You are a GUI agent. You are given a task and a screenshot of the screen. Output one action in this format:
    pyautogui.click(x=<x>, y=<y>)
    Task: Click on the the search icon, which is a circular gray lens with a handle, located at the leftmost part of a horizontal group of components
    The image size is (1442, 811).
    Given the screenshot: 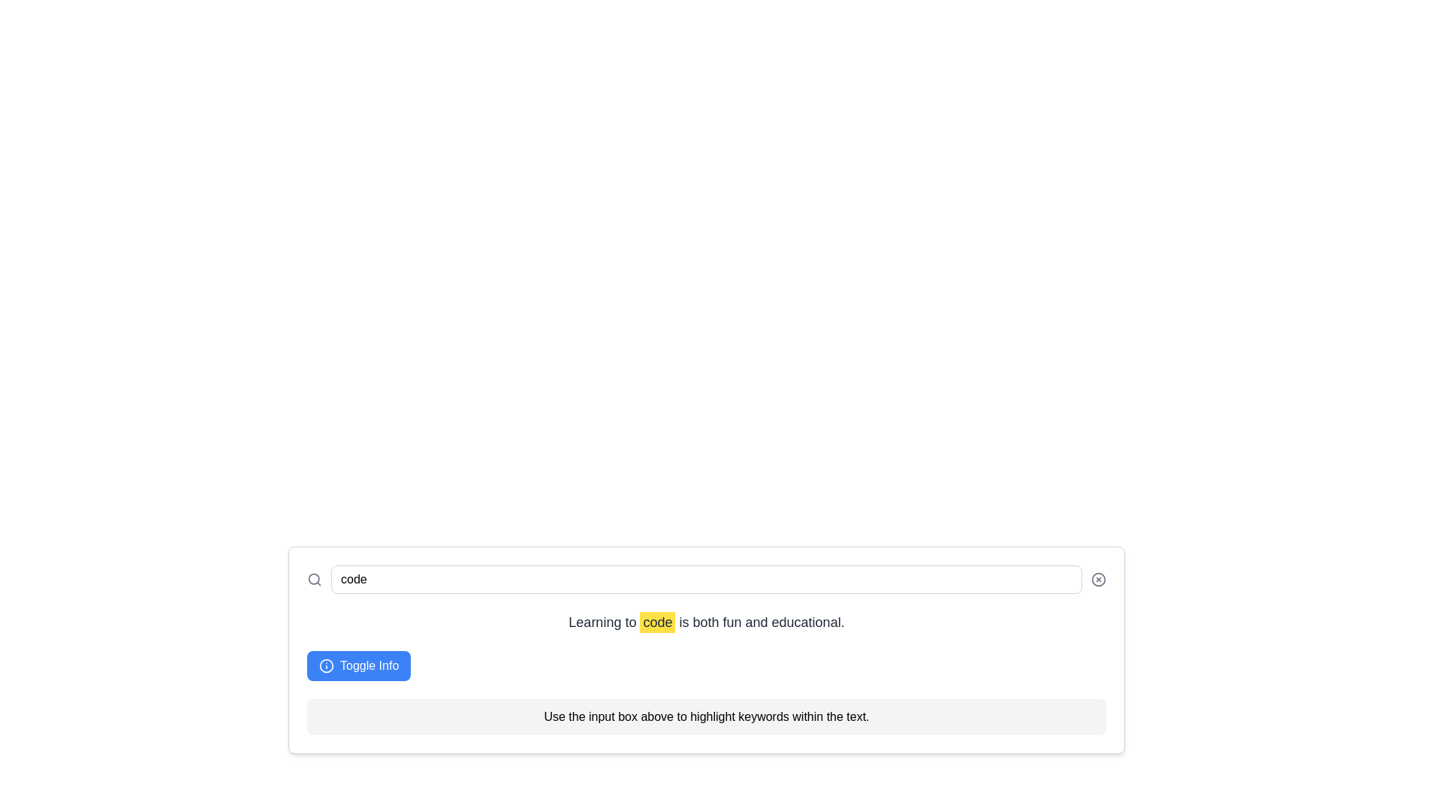 What is the action you would take?
    pyautogui.click(x=313, y=578)
    